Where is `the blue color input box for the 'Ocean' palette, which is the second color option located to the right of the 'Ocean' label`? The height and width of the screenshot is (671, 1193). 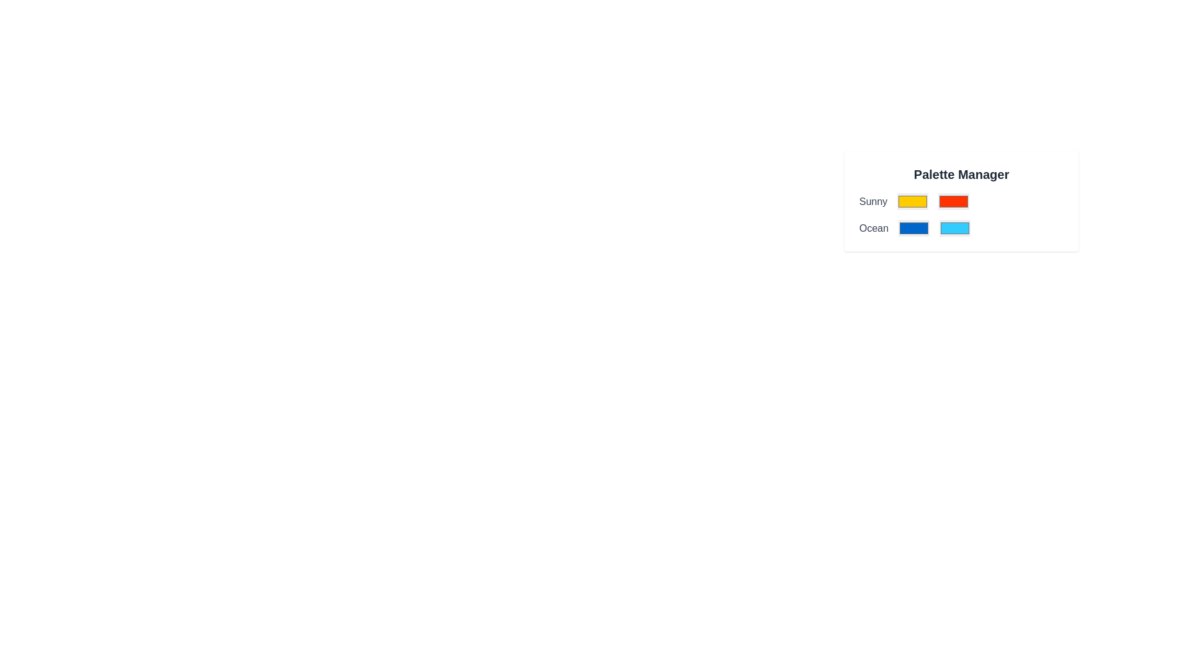
the blue color input box for the 'Ocean' palette, which is the second color option located to the right of the 'Ocean' label is located at coordinates (914, 228).